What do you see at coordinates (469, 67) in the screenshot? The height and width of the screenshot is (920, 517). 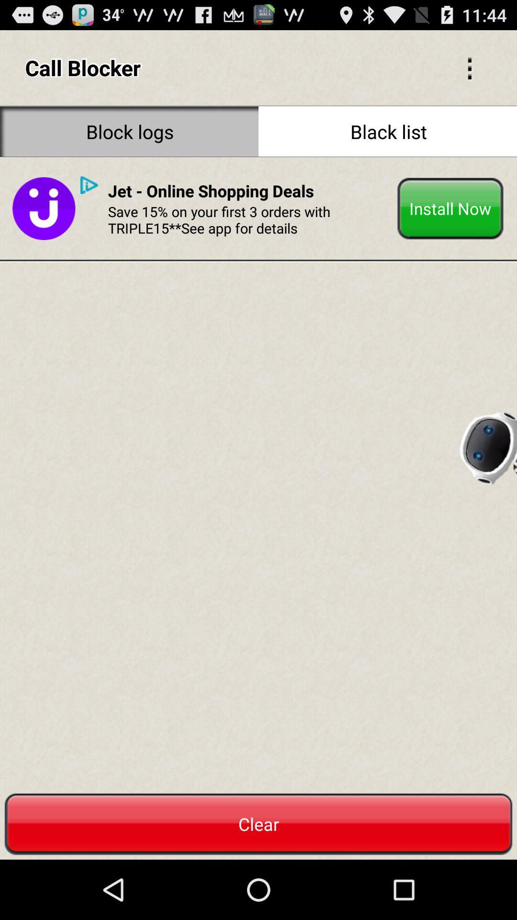 I see `drop down list giving options about call blocker` at bounding box center [469, 67].